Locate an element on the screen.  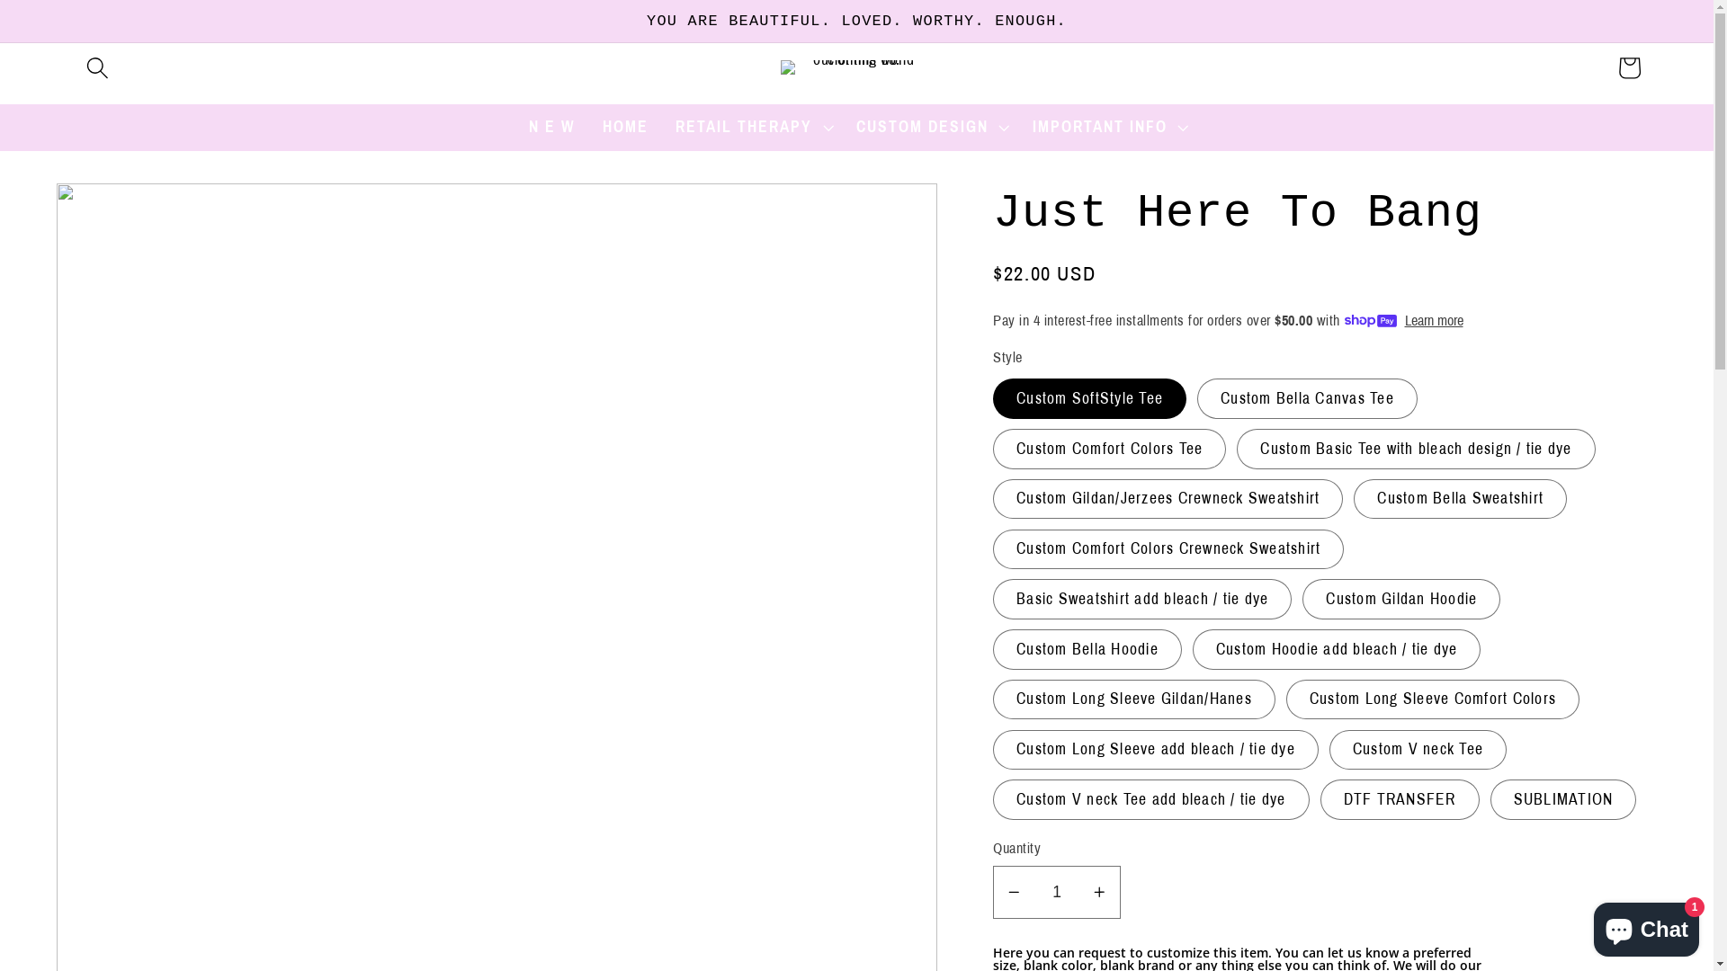
'Increase quantity for Just Here To Bang' is located at coordinates (1098, 891).